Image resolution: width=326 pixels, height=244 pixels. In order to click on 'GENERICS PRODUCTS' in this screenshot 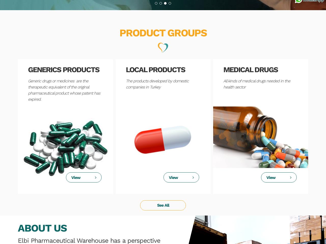, I will do `click(63, 69)`.